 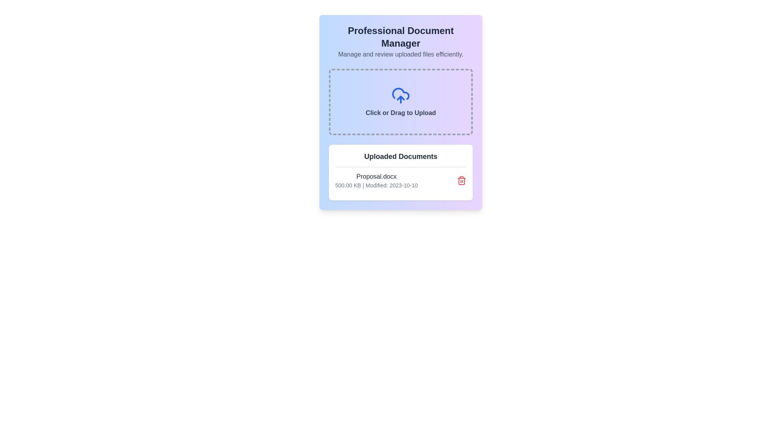 What do you see at coordinates (400, 157) in the screenshot?
I see `the 'Uploaded Documents' text label, which is a bold, large, dark gray header located above the document file listing` at bounding box center [400, 157].